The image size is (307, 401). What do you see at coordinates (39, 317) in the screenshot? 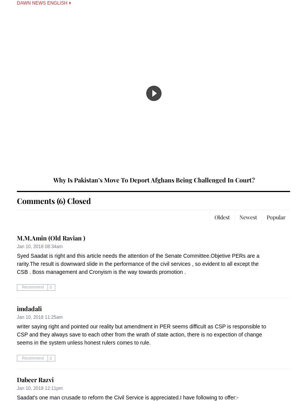
I see `'Jan 10, 2018 11:25am'` at bounding box center [39, 317].